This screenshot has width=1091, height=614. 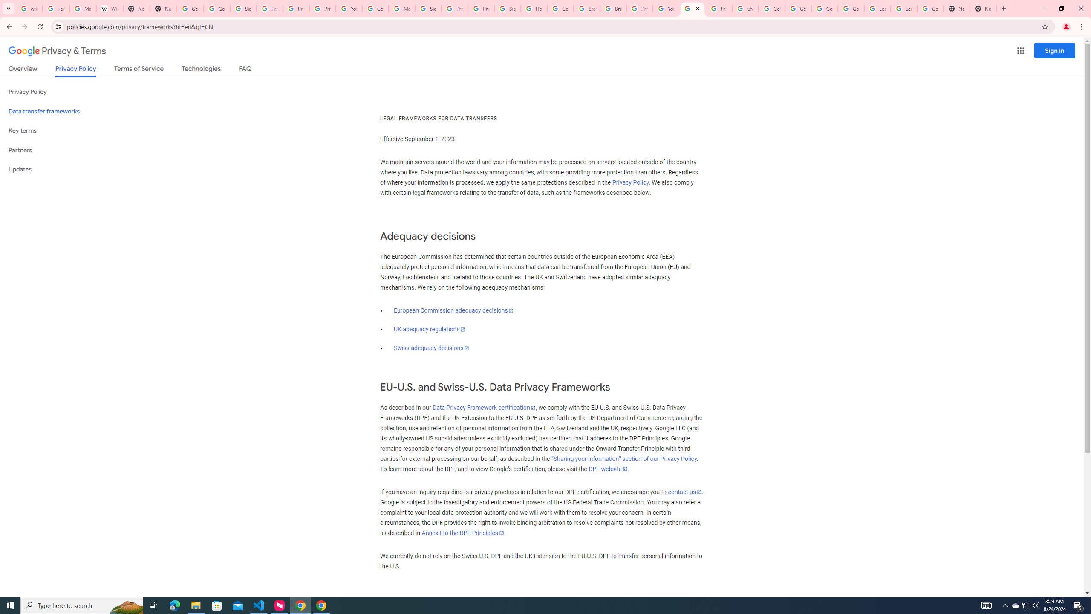 What do you see at coordinates (64, 150) in the screenshot?
I see `'Partners'` at bounding box center [64, 150].